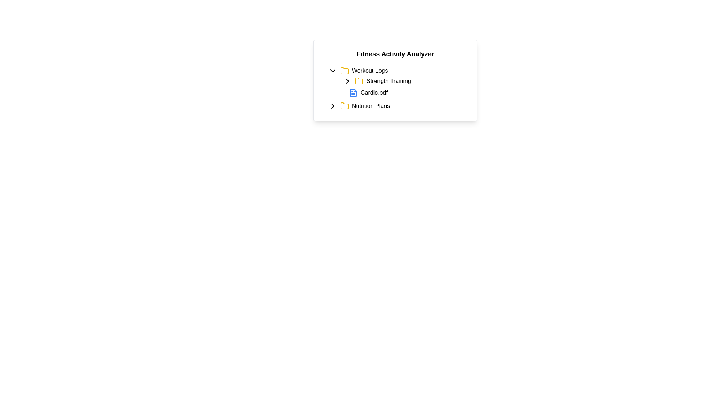  Describe the element at coordinates (344, 106) in the screenshot. I see `the yellow folder icon with rounded edges located in the list item context for 'Nutrition Plans'` at that location.